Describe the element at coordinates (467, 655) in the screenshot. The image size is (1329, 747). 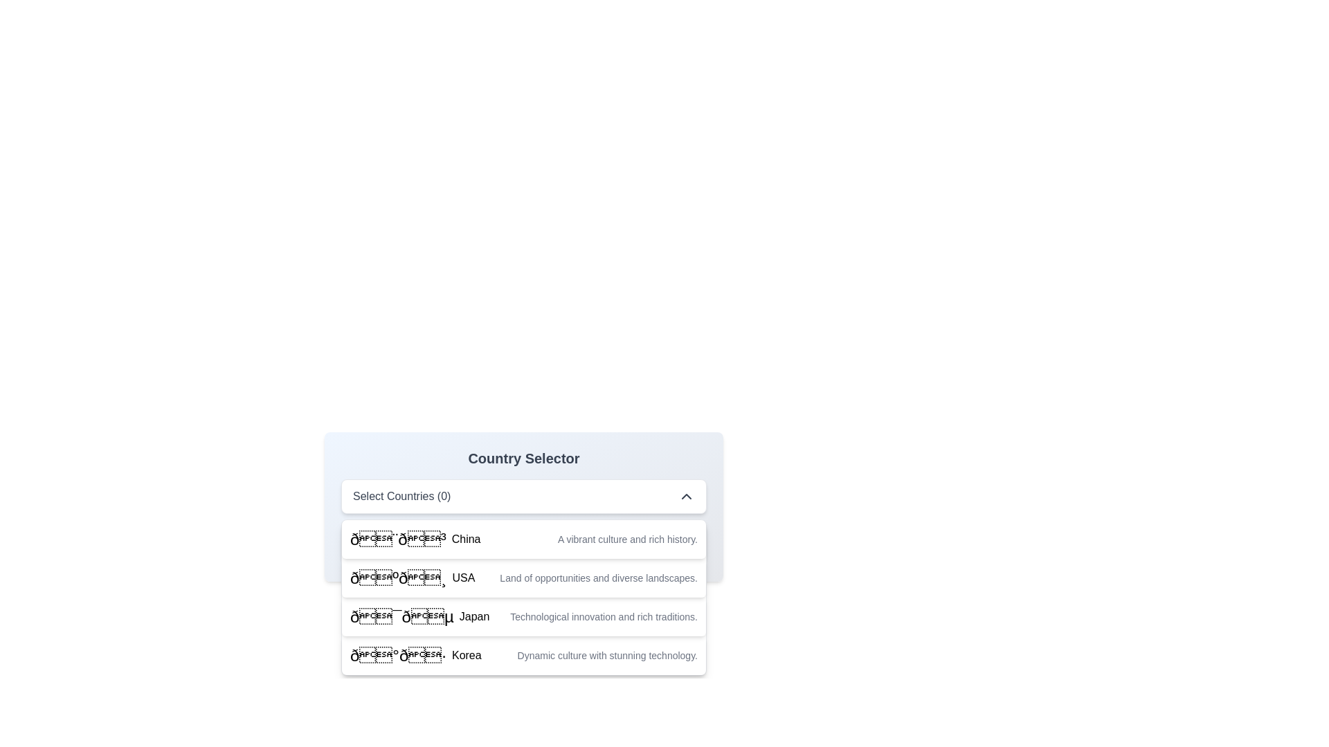
I see `text label displaying the name 'Korea' in the dropdown list under the 'Country Selector' title` at that location.